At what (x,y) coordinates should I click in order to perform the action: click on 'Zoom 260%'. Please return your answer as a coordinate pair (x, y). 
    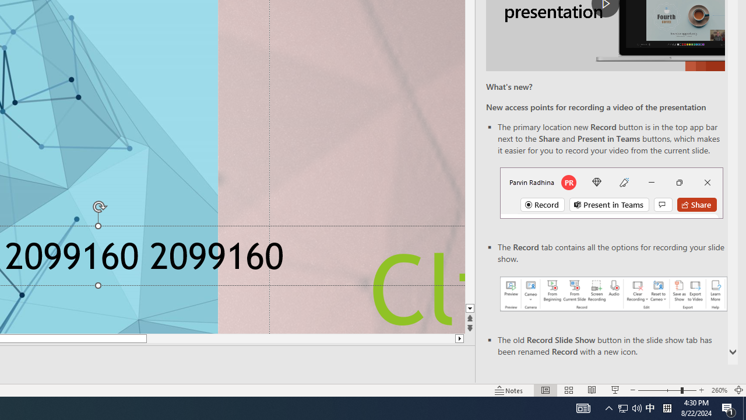
    Looking at the image, I should click on (719, 390).